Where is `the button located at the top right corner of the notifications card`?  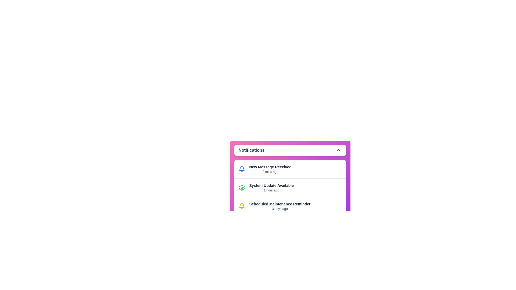
the button located at the top right corner of the notifications card is located at coordinates (338, 150).